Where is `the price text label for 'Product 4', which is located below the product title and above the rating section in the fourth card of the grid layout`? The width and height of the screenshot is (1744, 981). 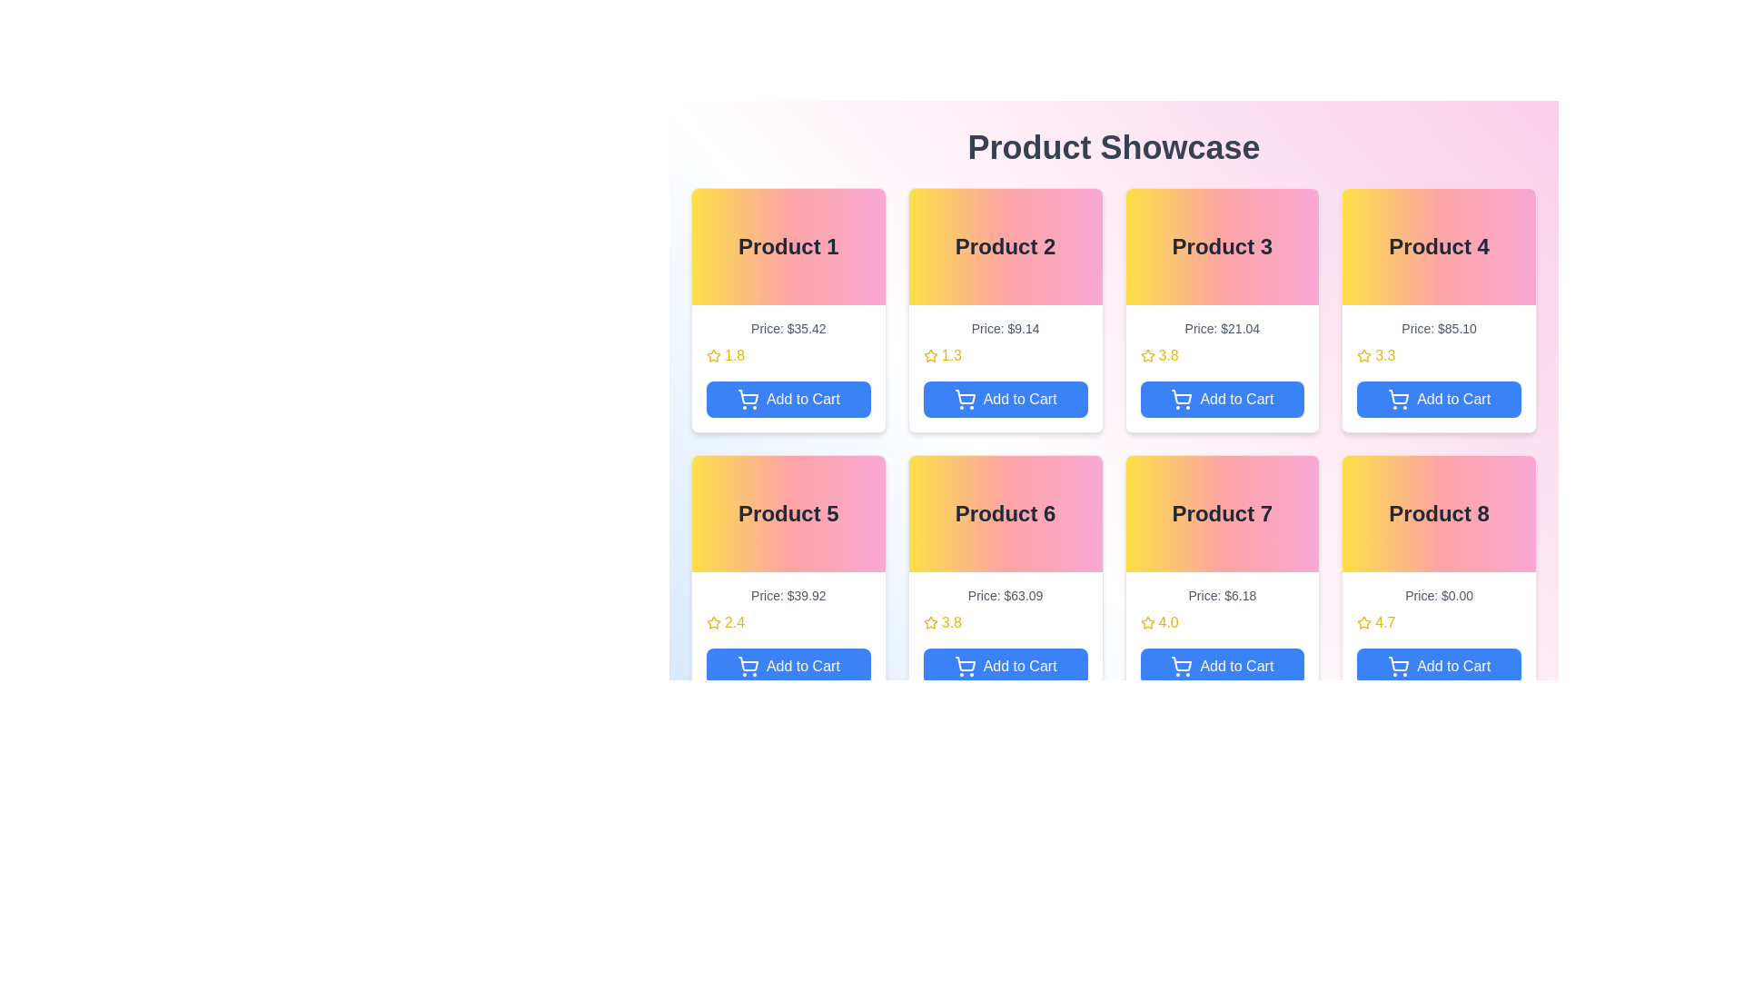
the price text label for 'Product 4', which is located below the product title and above the rating section in the fourth card of the grid layout is located at coordinates (1438, 329).